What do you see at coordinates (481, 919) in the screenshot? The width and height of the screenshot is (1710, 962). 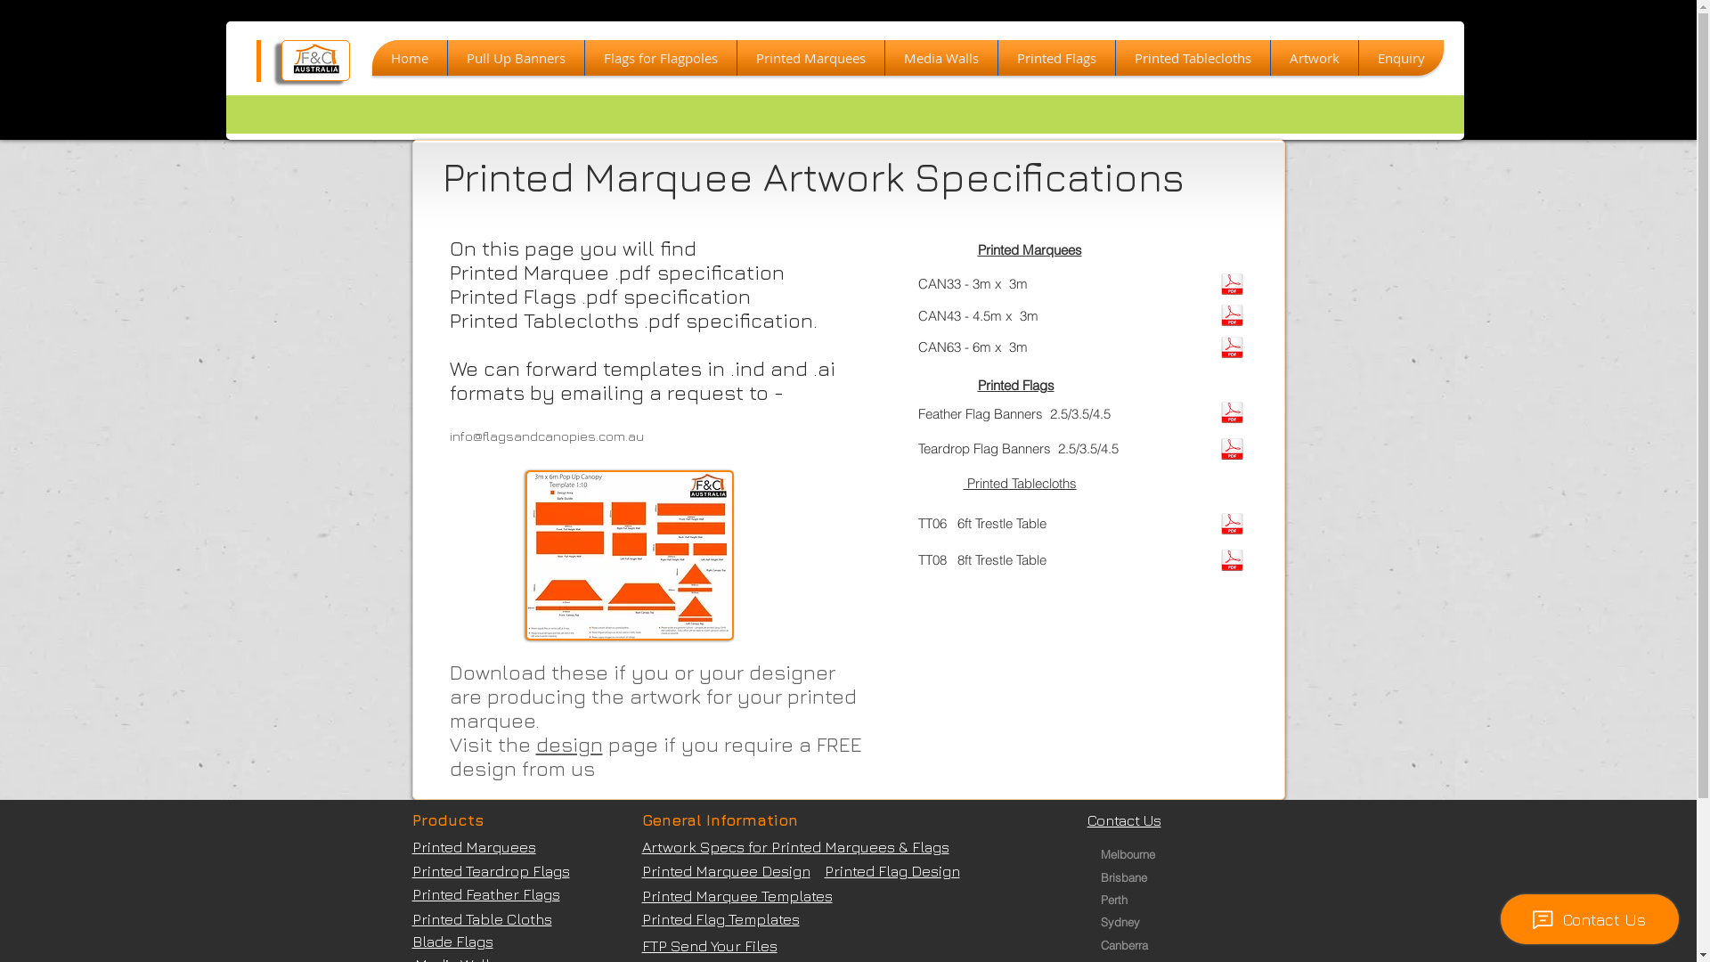 I see `'Printed Table Cloths'` at bounding box center [481, 919].